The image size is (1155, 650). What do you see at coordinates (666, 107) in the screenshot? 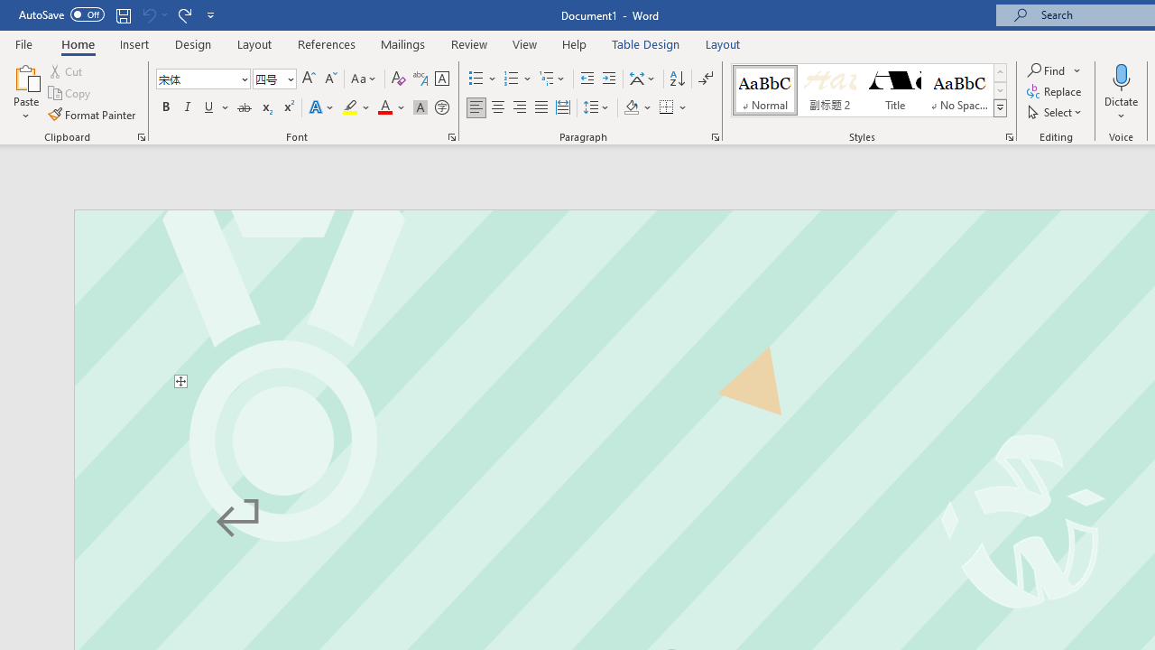
I see `'Borders'` at bounding box center [666, 107].